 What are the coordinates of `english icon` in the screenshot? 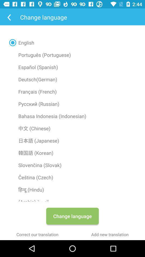 It's located at (73, 42).